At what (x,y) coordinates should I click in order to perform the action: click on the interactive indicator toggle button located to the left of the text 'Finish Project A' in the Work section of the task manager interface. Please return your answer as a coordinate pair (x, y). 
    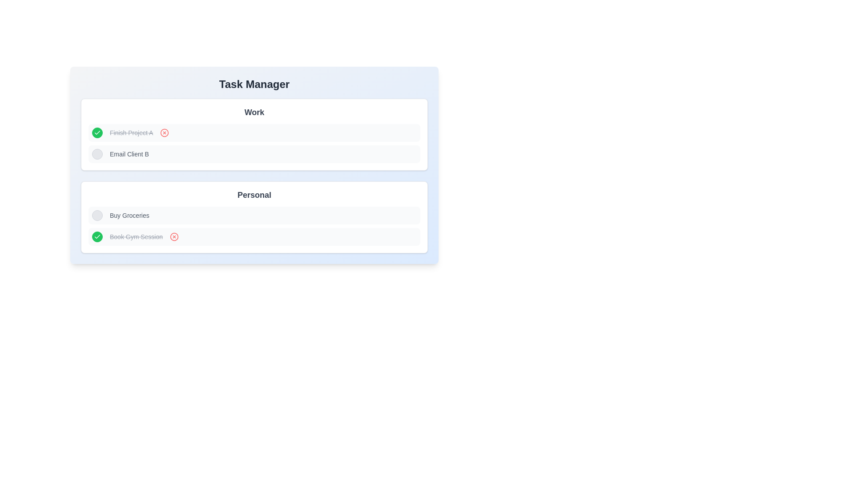
    Looking at the image, I should click on (97, 133).